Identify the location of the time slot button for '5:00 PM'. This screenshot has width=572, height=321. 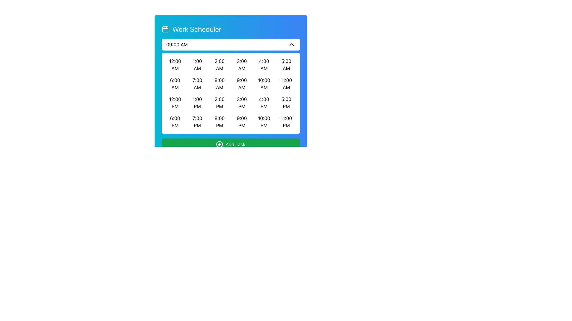
(286, 103).